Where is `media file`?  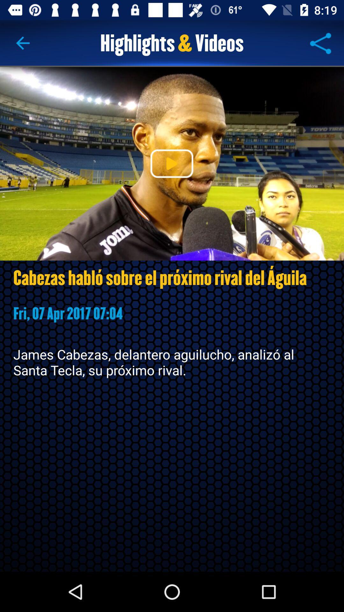 media file is located at coordinates (171, 164).